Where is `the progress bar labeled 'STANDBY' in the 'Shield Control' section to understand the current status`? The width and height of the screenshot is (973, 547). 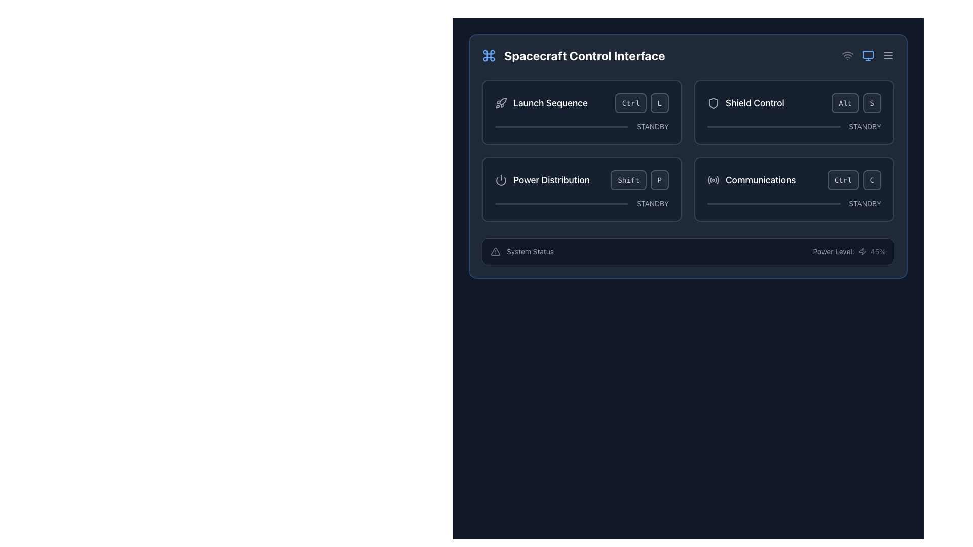 the progress bar labeled 'STANDBY' in the 'Shield Control' section to understand the current status is located at coordinates (794, 126).